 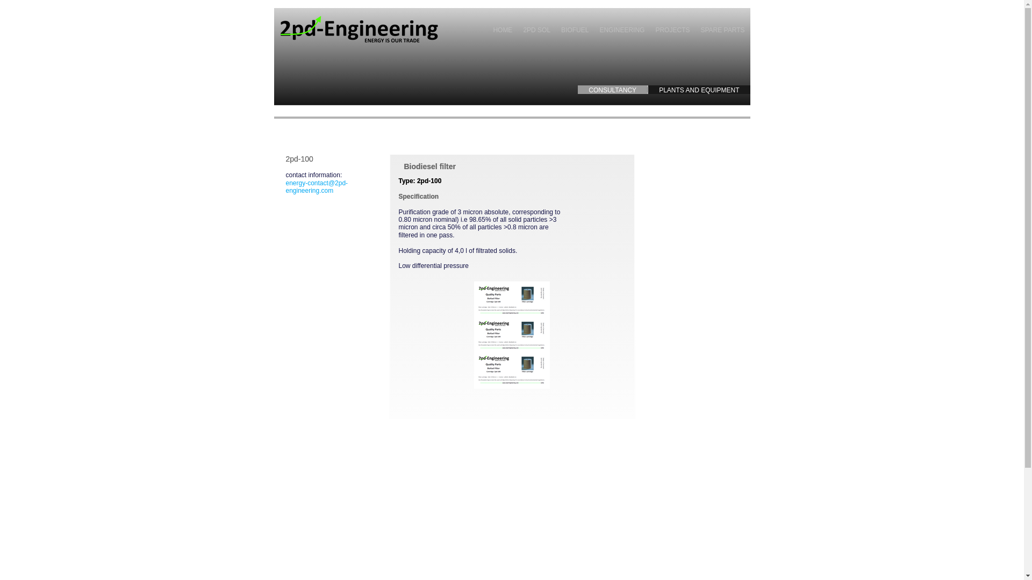 I want to click on 'PLANTS AND EQUIPMENT', so click(x=647, y=89).